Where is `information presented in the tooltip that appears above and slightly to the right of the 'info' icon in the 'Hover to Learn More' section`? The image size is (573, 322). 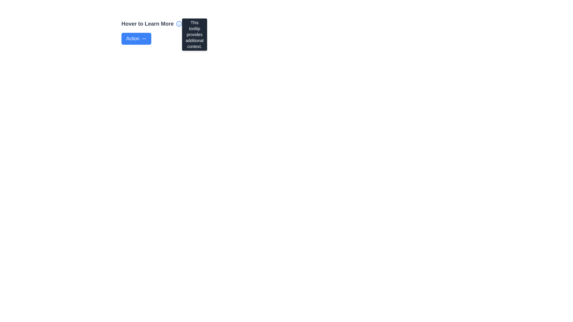
information presented in the tooltip that appears above and slightly to the right of the 'info' icon in the 'Hover to Learn More' section is located at coordinates (195, 34).